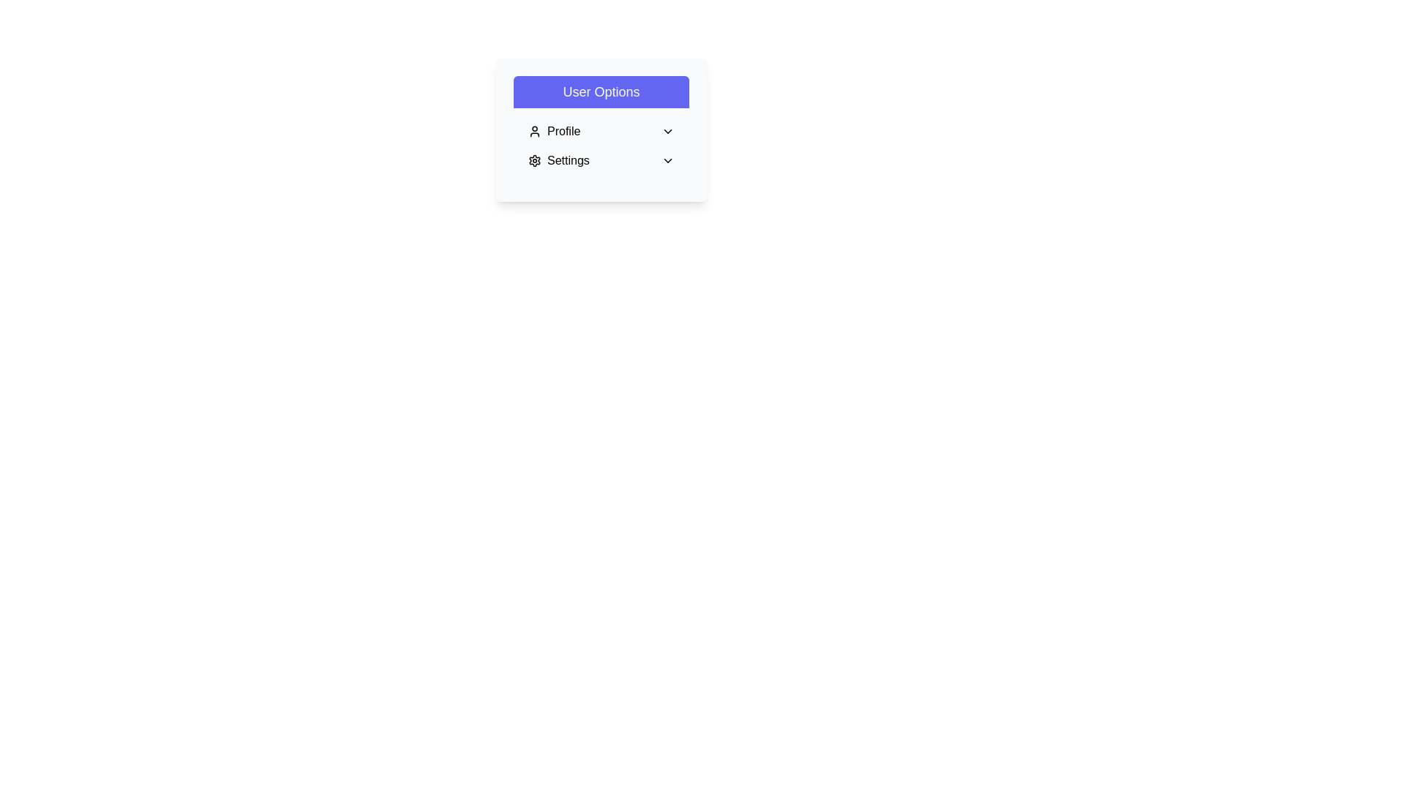  What do you see at coordinates (533, 160) in the screenshot?
I see `the 'Settings' icon located in the 'User Options' menu` at bounding box center [533, 160].